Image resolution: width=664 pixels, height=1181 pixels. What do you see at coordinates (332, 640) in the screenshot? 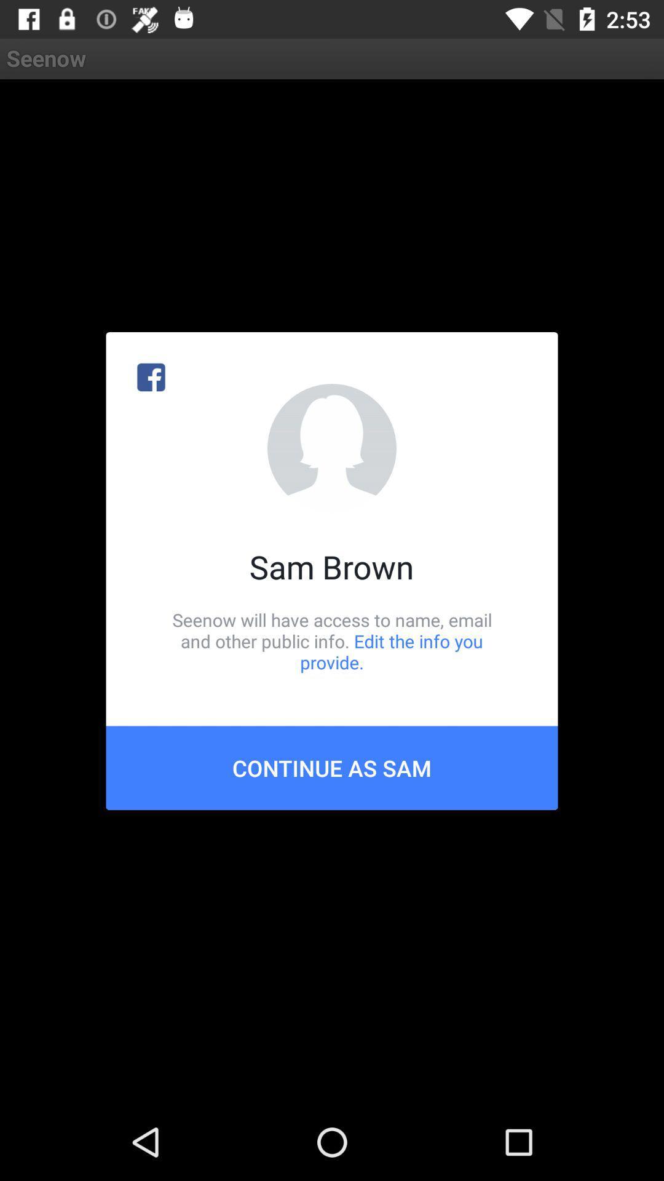
I see `seenow will have icon` at bounding box center [332, 640].